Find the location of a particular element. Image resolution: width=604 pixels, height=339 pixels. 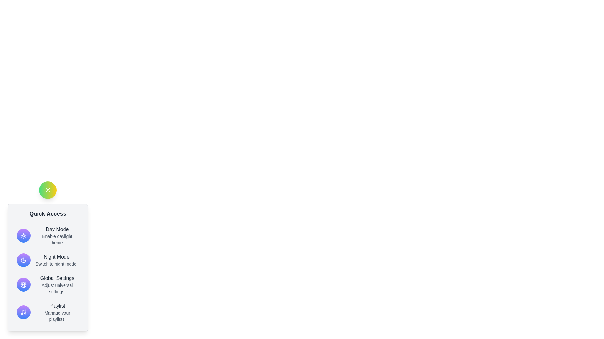

the 'Playlist' option to manage your playlists is located at coordinates (57, 312).